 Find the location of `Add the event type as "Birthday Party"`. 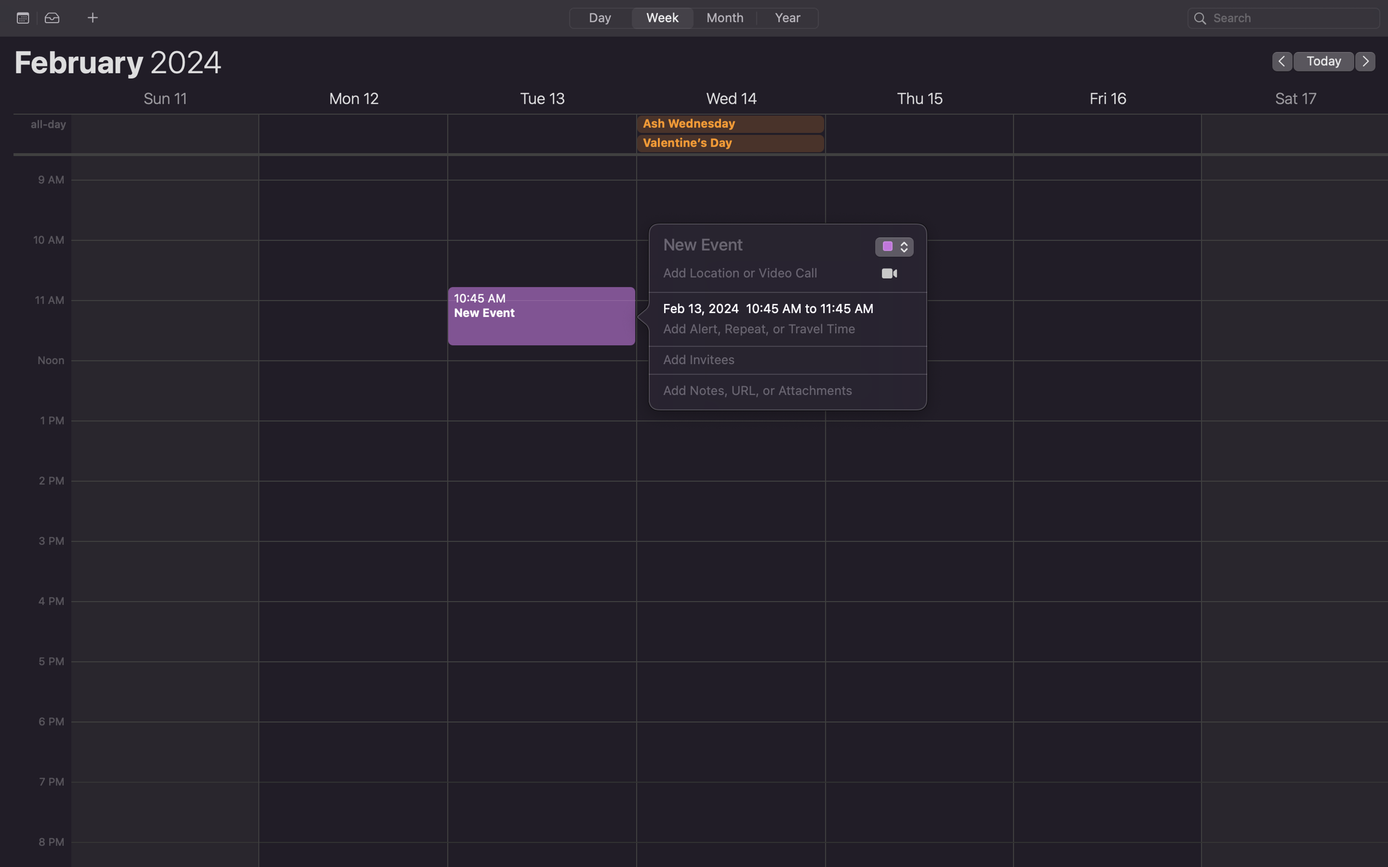

Add the event type as "Birthday Party" is located at coordinates (886, 248).